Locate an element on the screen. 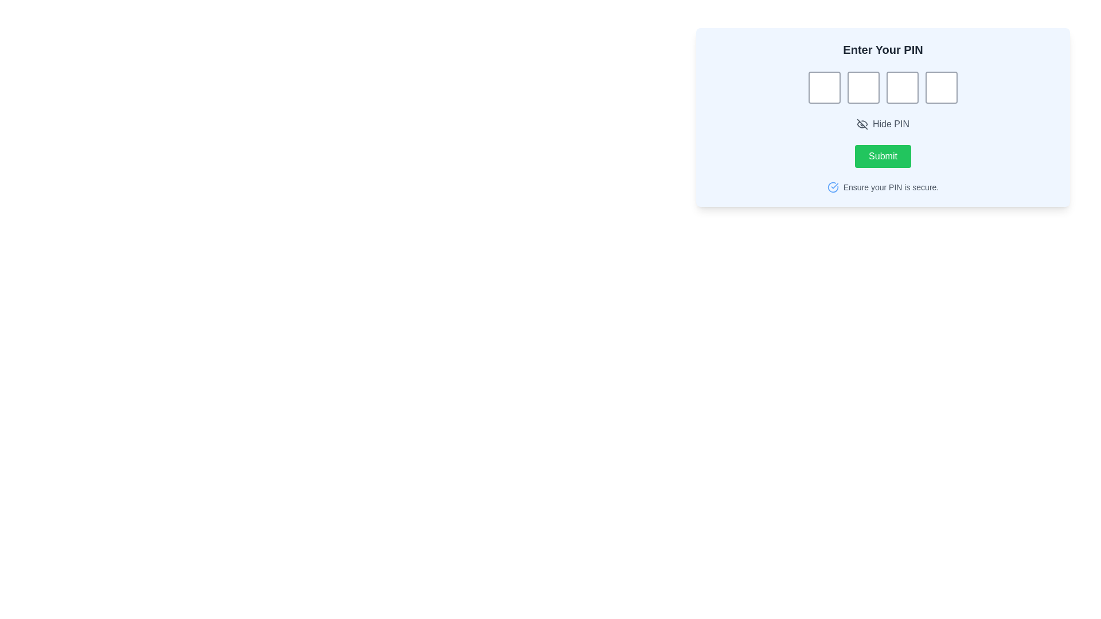  the informational text about securing the PIN located below the 'Submit' button in the PIN input area is located at coordinates (891, 187).